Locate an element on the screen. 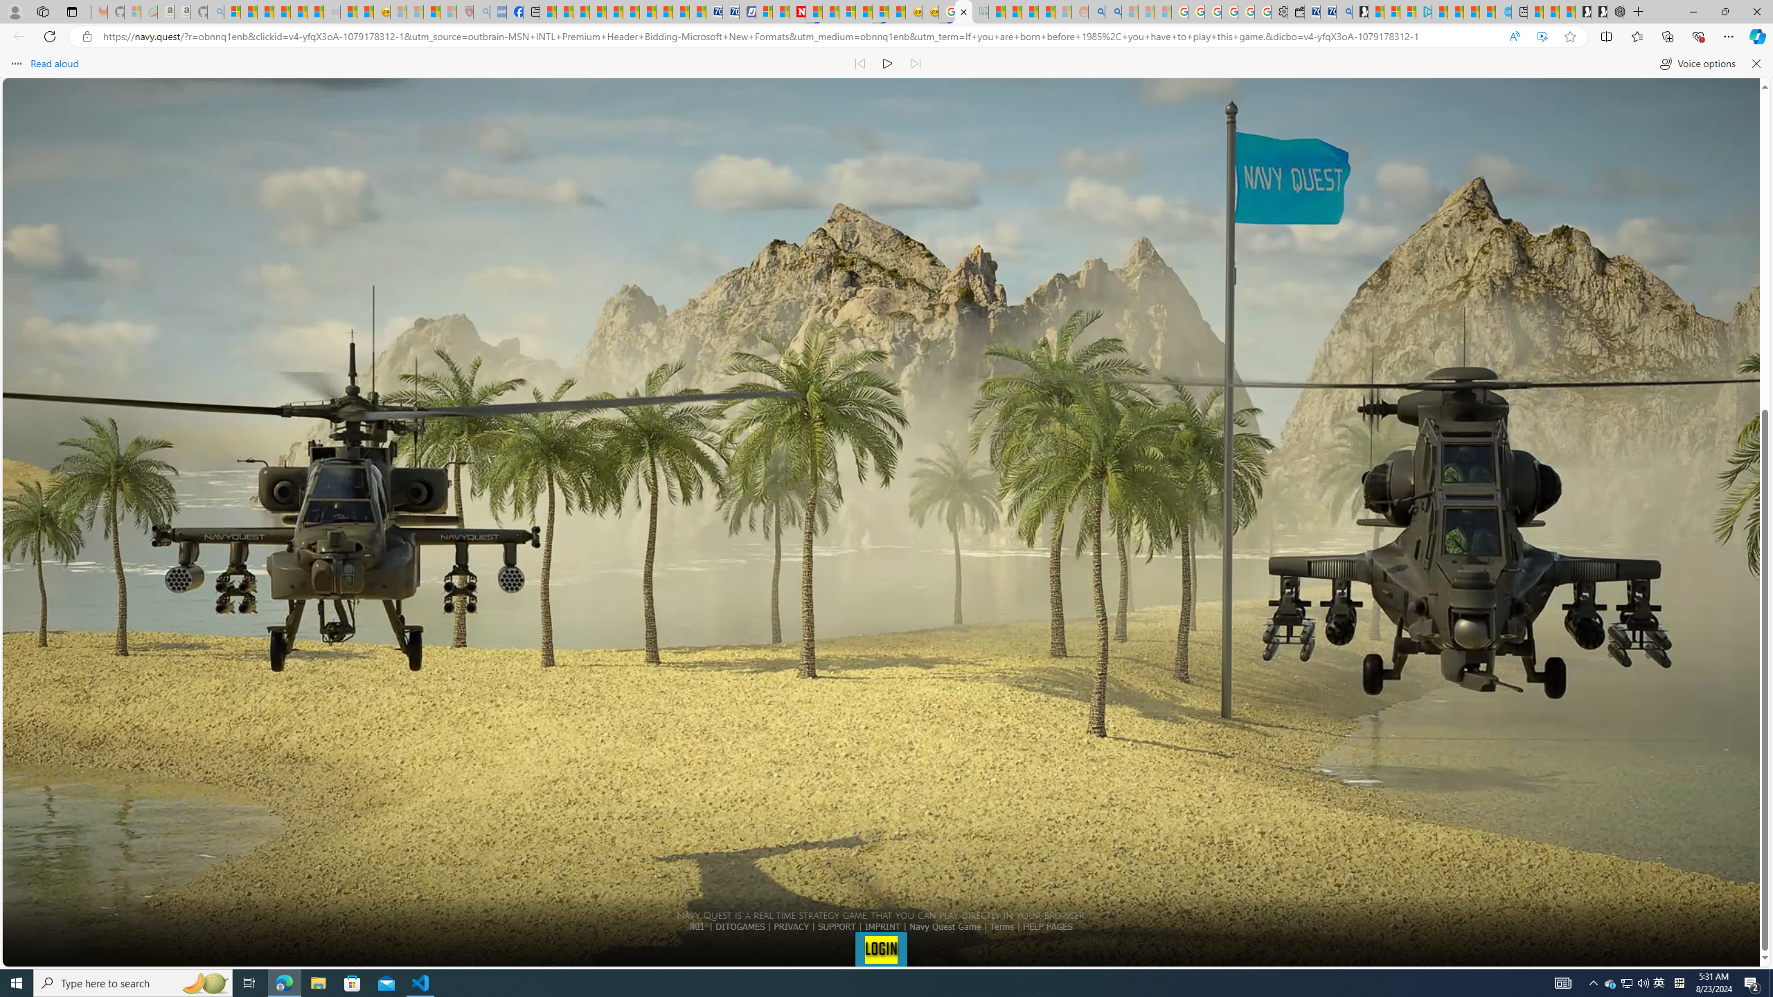  'Navy Quest Game' is located at coordinates (945, 925).